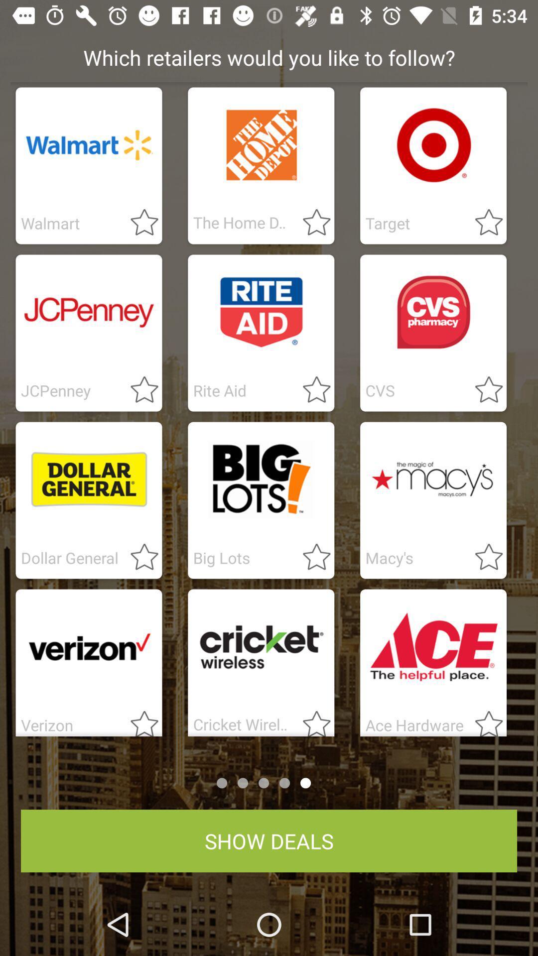 The height and width of the screenshot is (956, 538). Describe the element at coordinates (269, 840) in the screenshot. I see `the show deals item` at that location.